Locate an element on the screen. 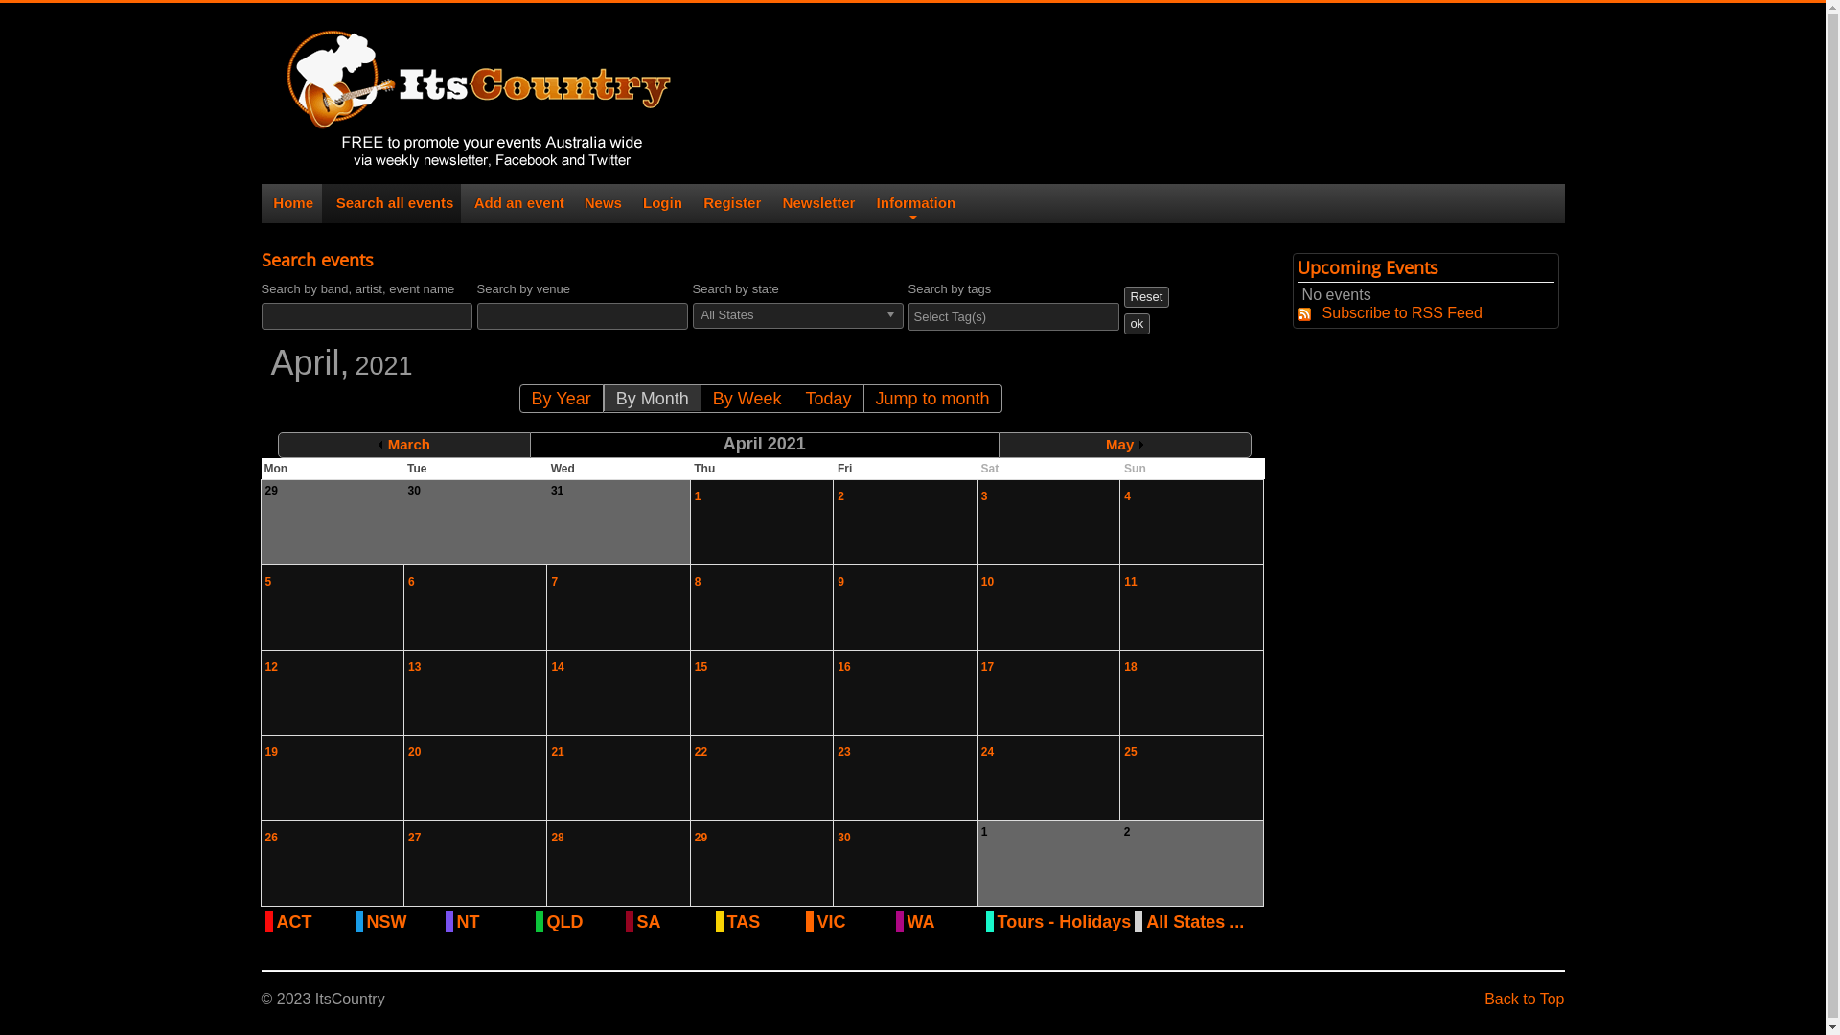  'Tours - Holidays' is located at coordinates (1062, 920).